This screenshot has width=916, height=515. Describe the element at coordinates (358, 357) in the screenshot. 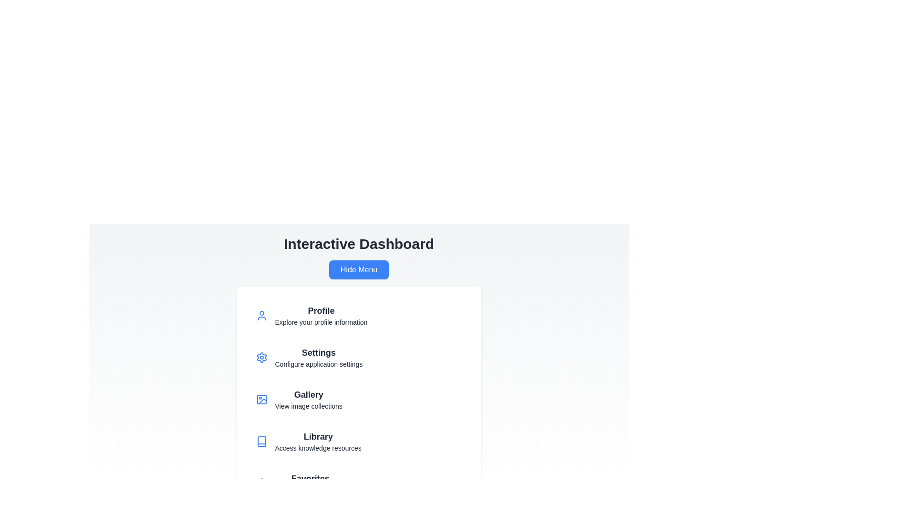

I see `the menu item Settings by clicking on it` at that location.